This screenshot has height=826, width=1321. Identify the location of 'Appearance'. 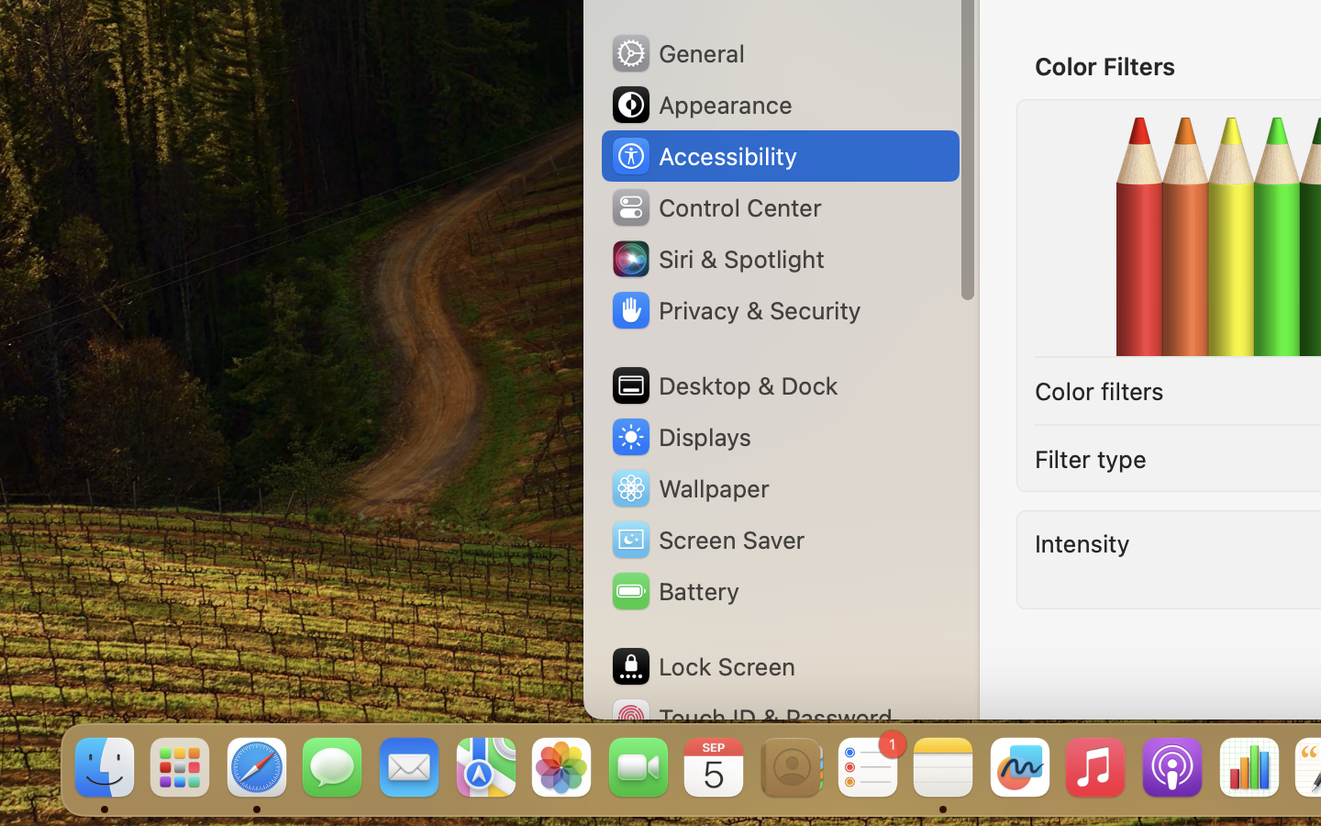
(700, 105).